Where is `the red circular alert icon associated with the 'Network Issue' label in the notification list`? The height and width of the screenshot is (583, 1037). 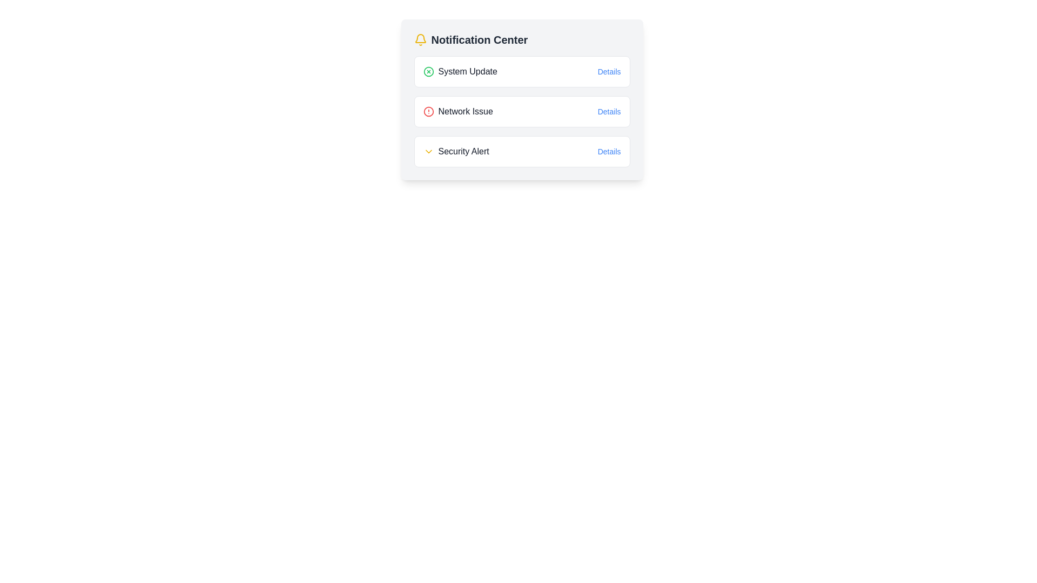 the red circular alert icon associated with the 'Network Issue' label in the notification list is located at coordinates (428, 112).